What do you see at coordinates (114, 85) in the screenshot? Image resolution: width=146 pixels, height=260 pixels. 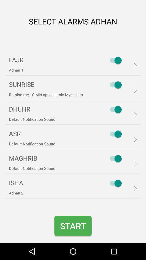 I see `the item to the right of remind me 10 icon` at bounding box center [114, 85].